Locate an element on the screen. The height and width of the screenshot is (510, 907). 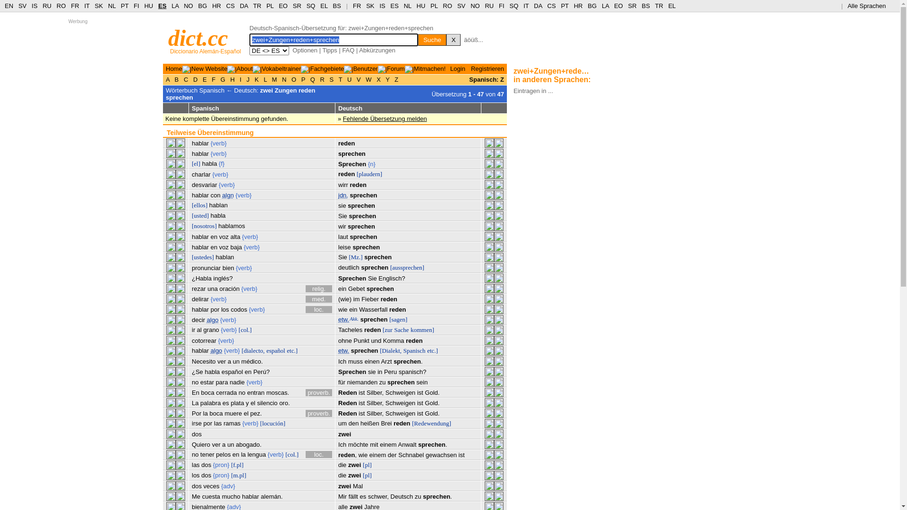
'zwei' is located at coordinates (344, 434).